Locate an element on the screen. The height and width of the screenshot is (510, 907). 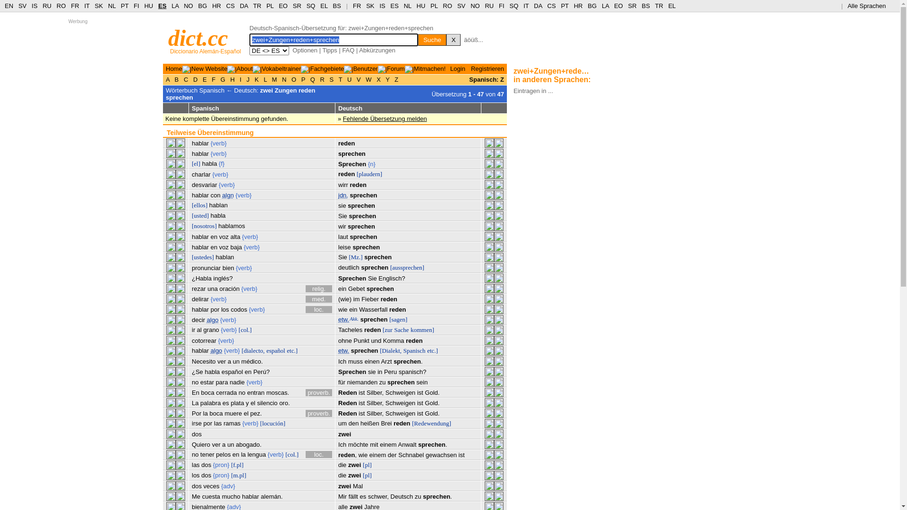
'zwei' is located at coordinates (344, 434).